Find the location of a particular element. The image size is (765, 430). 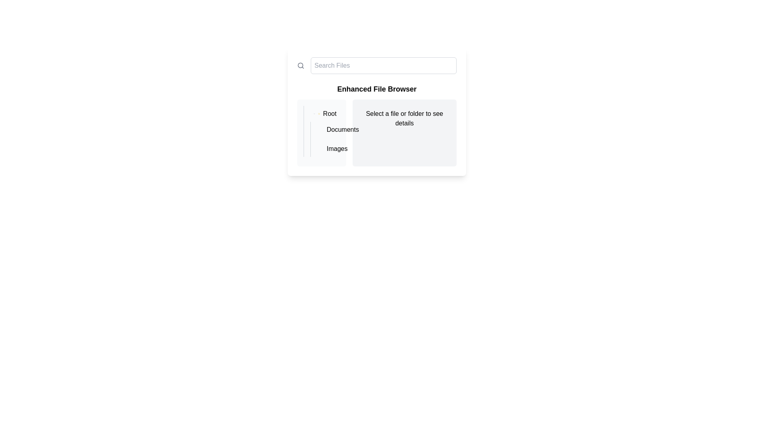

the Folder label in the file browsing sidebar is located at coordinates (325, 113).